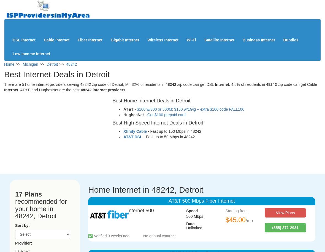 The width and height of the screenshot is (325, 252). I want to click on '.', so click(126, 90).